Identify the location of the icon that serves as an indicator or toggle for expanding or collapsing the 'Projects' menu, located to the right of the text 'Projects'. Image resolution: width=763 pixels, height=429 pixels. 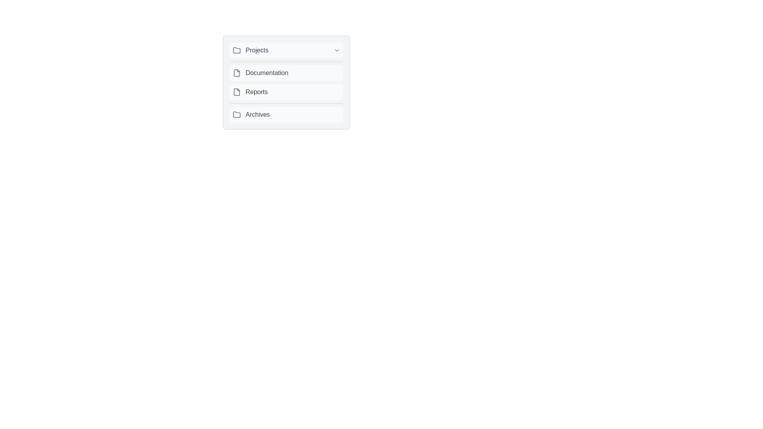
(337, 50).